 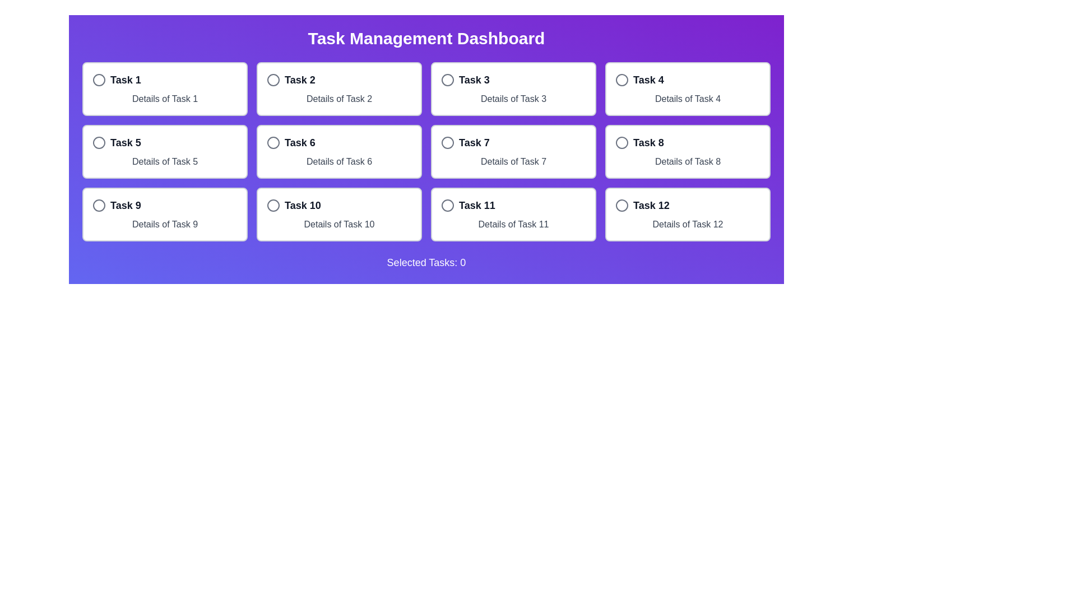 I want to click on the title text of the dashboard, which is 'Task Management Dashboard', so click(x=426, y=38).